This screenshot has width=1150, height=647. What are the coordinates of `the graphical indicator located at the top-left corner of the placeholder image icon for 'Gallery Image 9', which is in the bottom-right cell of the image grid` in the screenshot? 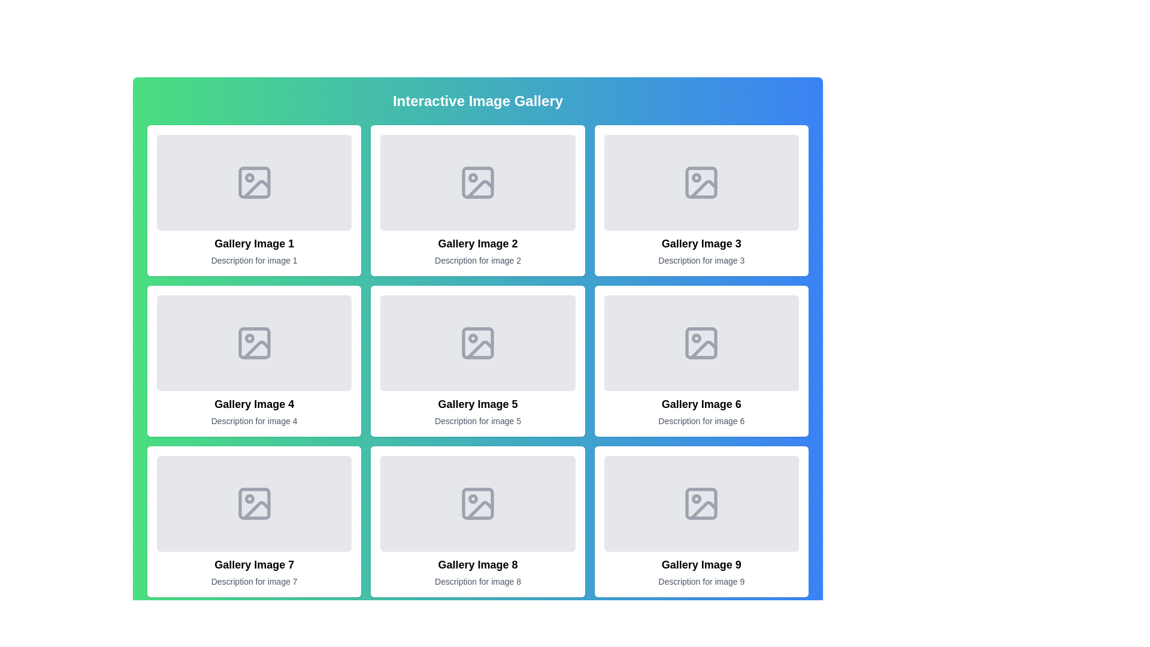 It's located at (697, 499).